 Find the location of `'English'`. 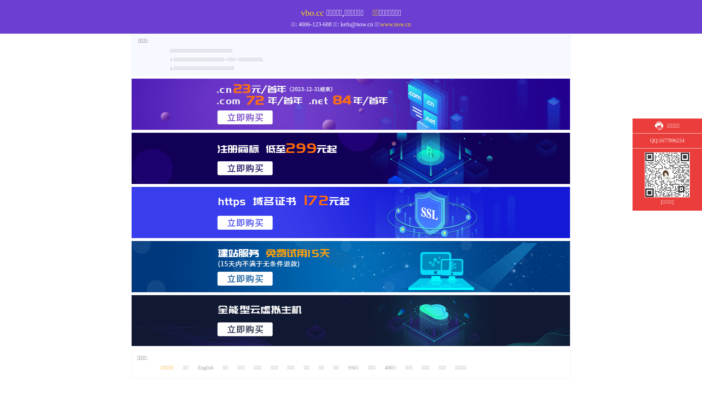

'English' is located at coordinates (205, 368).